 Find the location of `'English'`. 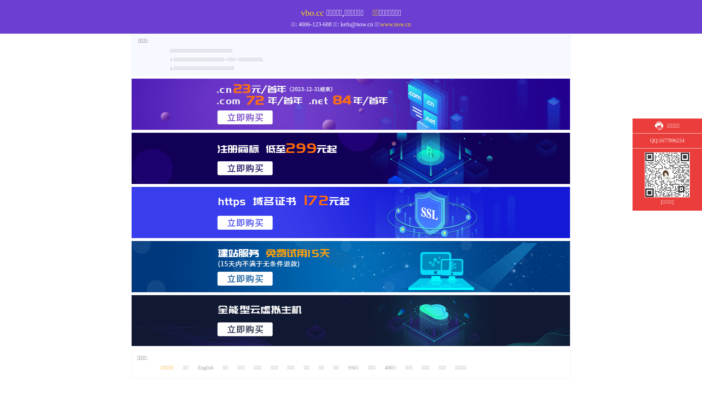

'English' is located at coordinates (205, 368).